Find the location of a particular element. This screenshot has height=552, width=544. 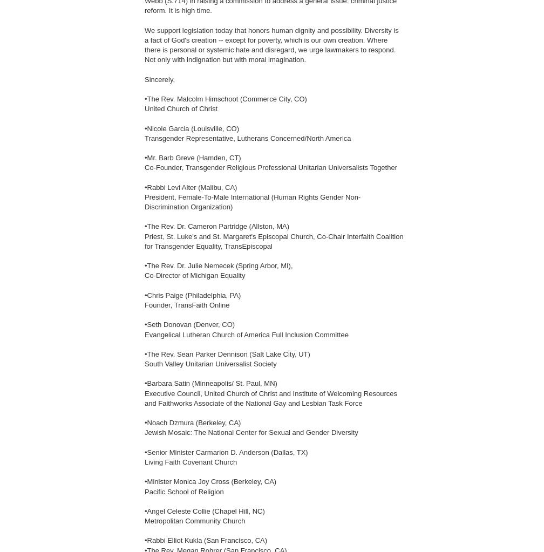

'United Church of Christ' is located at coordinates (181, 108).